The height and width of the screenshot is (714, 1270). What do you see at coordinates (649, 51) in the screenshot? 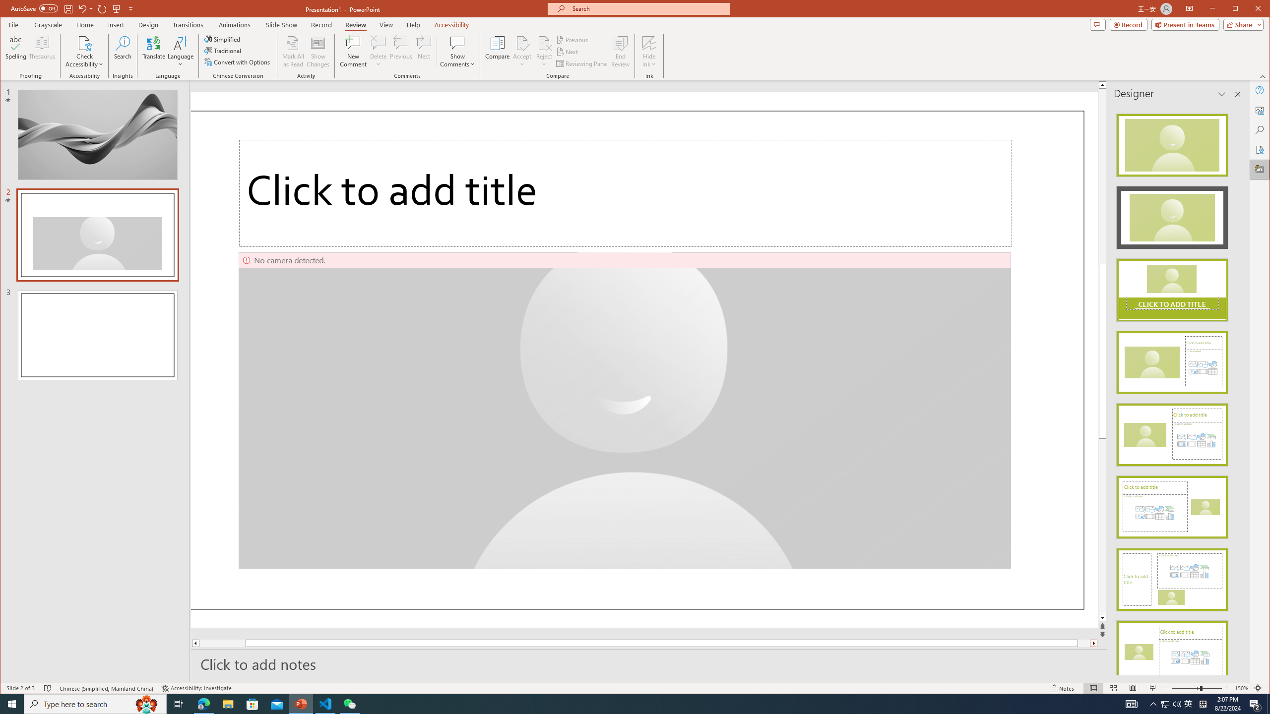
I see `'Hide Ink'` at bounding box center [649, 51].